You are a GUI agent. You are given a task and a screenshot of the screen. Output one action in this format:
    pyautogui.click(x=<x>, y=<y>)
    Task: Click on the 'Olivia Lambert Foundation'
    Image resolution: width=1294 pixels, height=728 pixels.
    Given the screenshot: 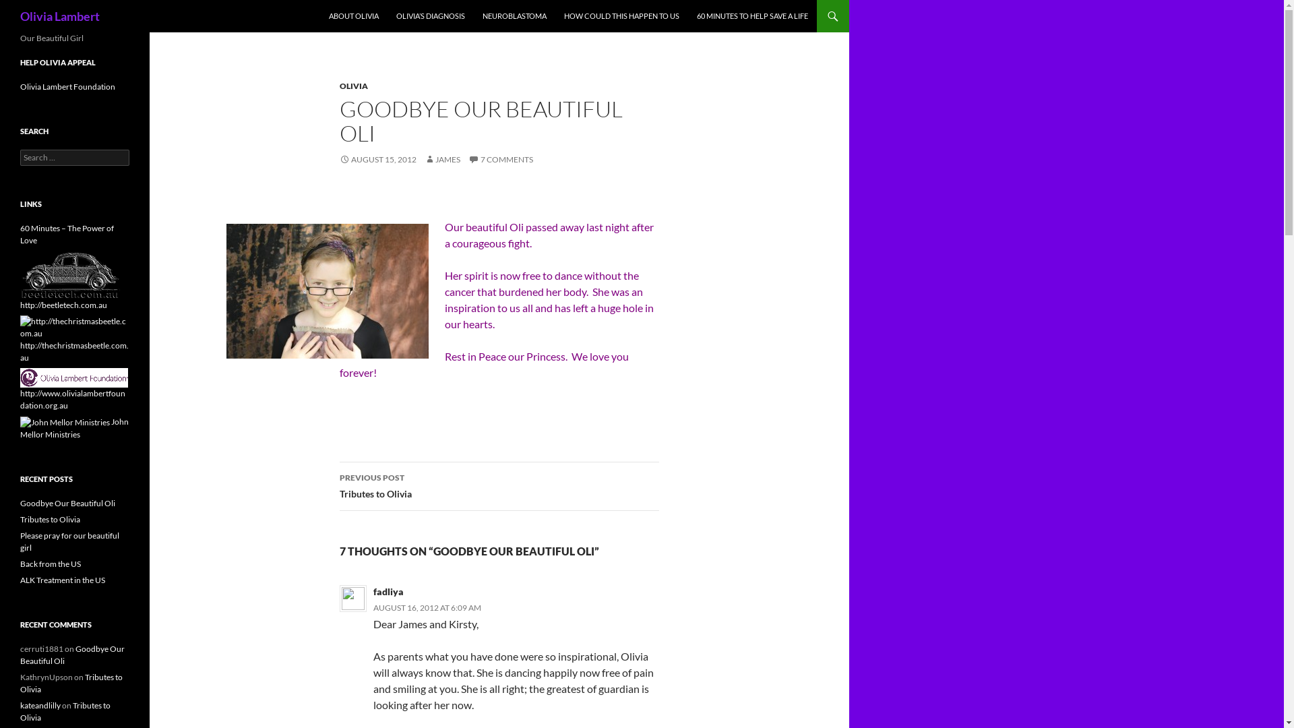 What is the action you would take?
    pyautogui.click(x=67, y=86)
    